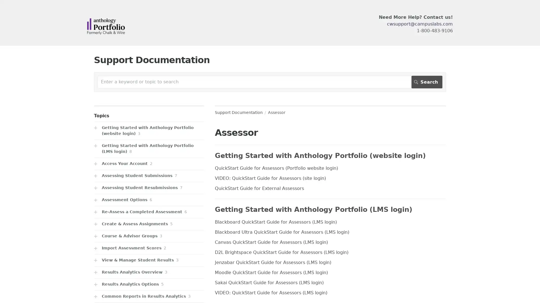 This screenshot has height=303, width=540. What do you see at coordinates (149, 236) in the screenshot?
I see `Course & Advisor Groups 3` at bounding box center [149, 236].